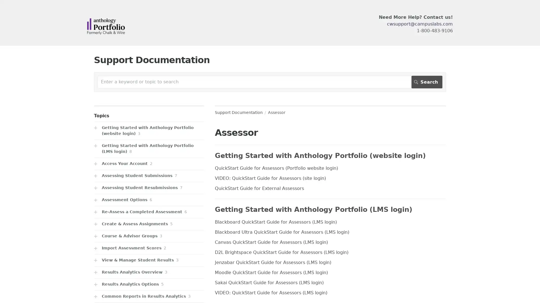 This screenshot has height=303, width=540. What do you see at coordinates (149, 236) in the screenshot?
I see `Course & Advisor Groups 3` at bounding box center [149, 236].